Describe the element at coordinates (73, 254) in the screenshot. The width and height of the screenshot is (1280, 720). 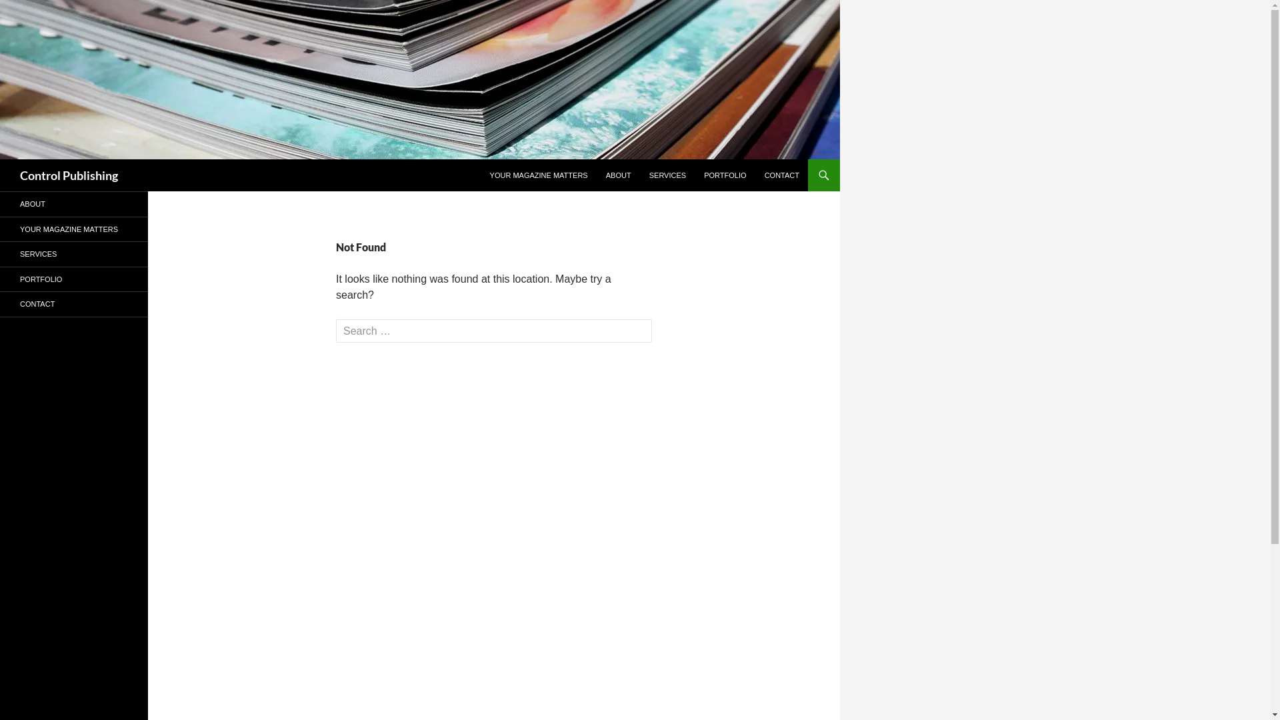
I see `'SERVICES'` at that location.